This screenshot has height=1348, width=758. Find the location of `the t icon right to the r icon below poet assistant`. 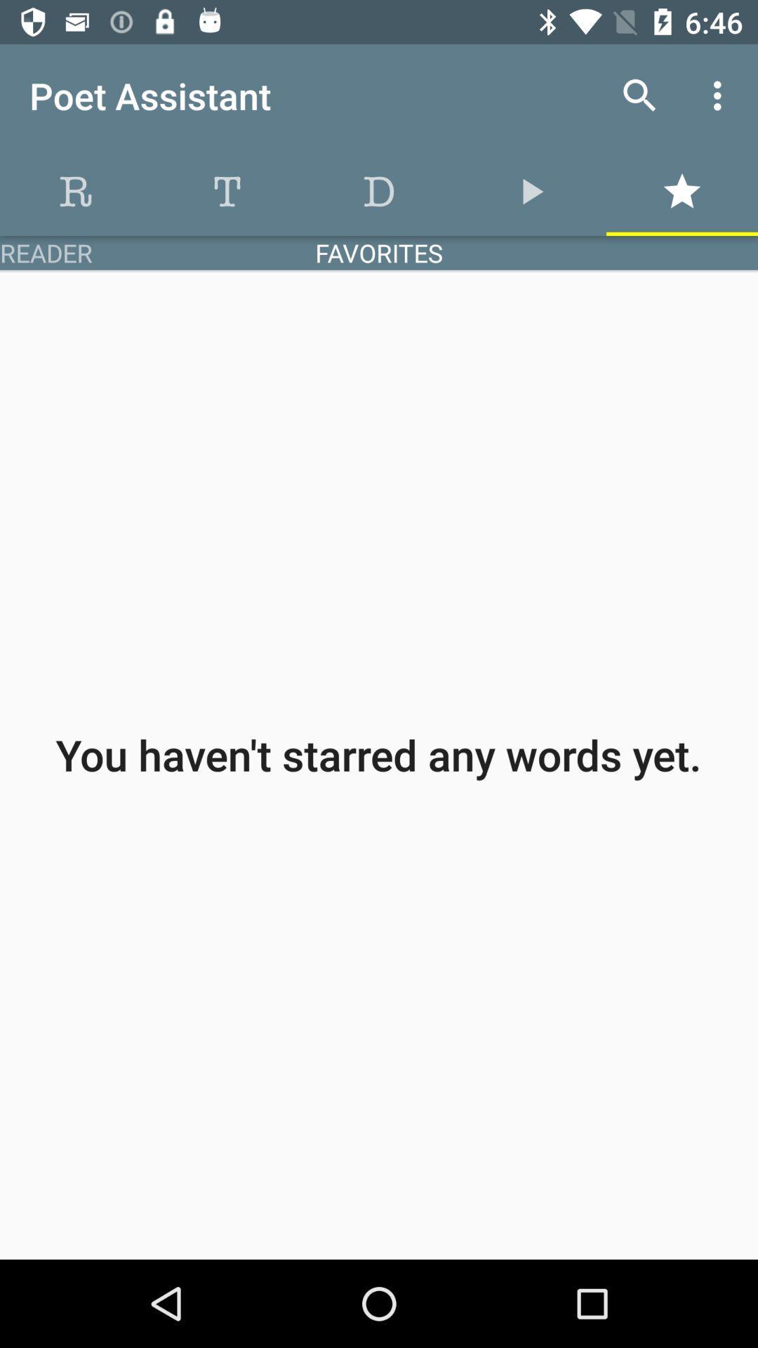

the t icon right to the r icon below poet assistant is located at coordinates (227, 191).